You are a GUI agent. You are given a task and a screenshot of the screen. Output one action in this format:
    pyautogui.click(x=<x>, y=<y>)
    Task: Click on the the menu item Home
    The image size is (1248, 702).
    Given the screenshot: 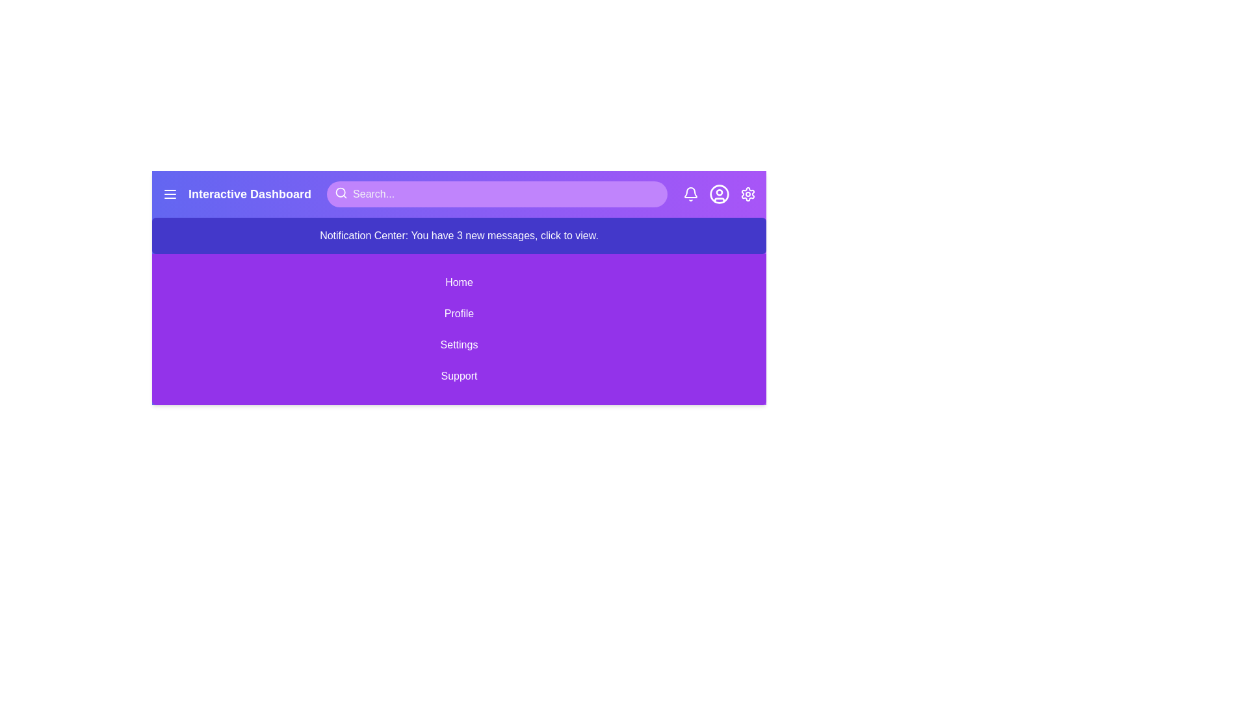 What is the action you would take?
    pyautogui.click(x=459, y=282)
    